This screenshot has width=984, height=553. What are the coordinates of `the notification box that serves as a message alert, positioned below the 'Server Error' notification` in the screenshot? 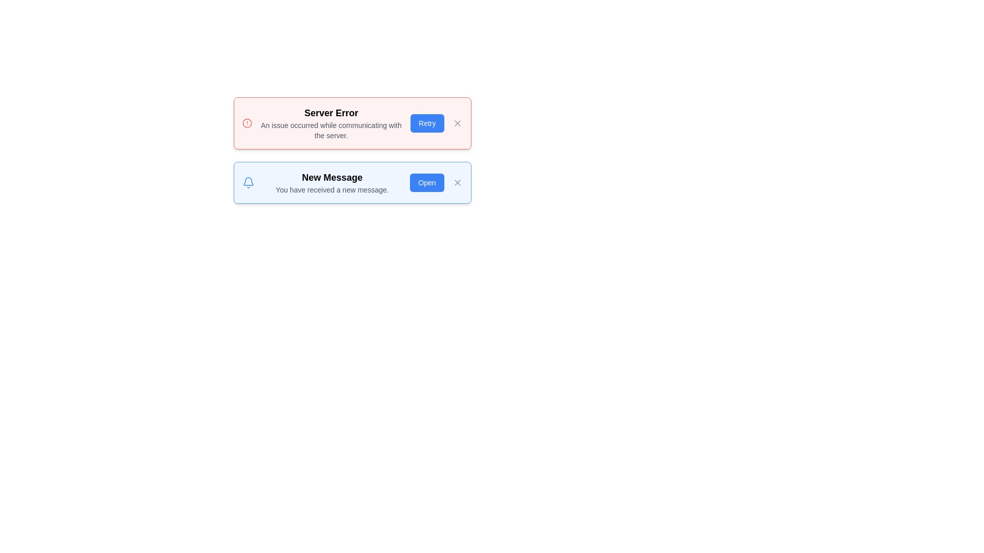 It's located at (352, 182).